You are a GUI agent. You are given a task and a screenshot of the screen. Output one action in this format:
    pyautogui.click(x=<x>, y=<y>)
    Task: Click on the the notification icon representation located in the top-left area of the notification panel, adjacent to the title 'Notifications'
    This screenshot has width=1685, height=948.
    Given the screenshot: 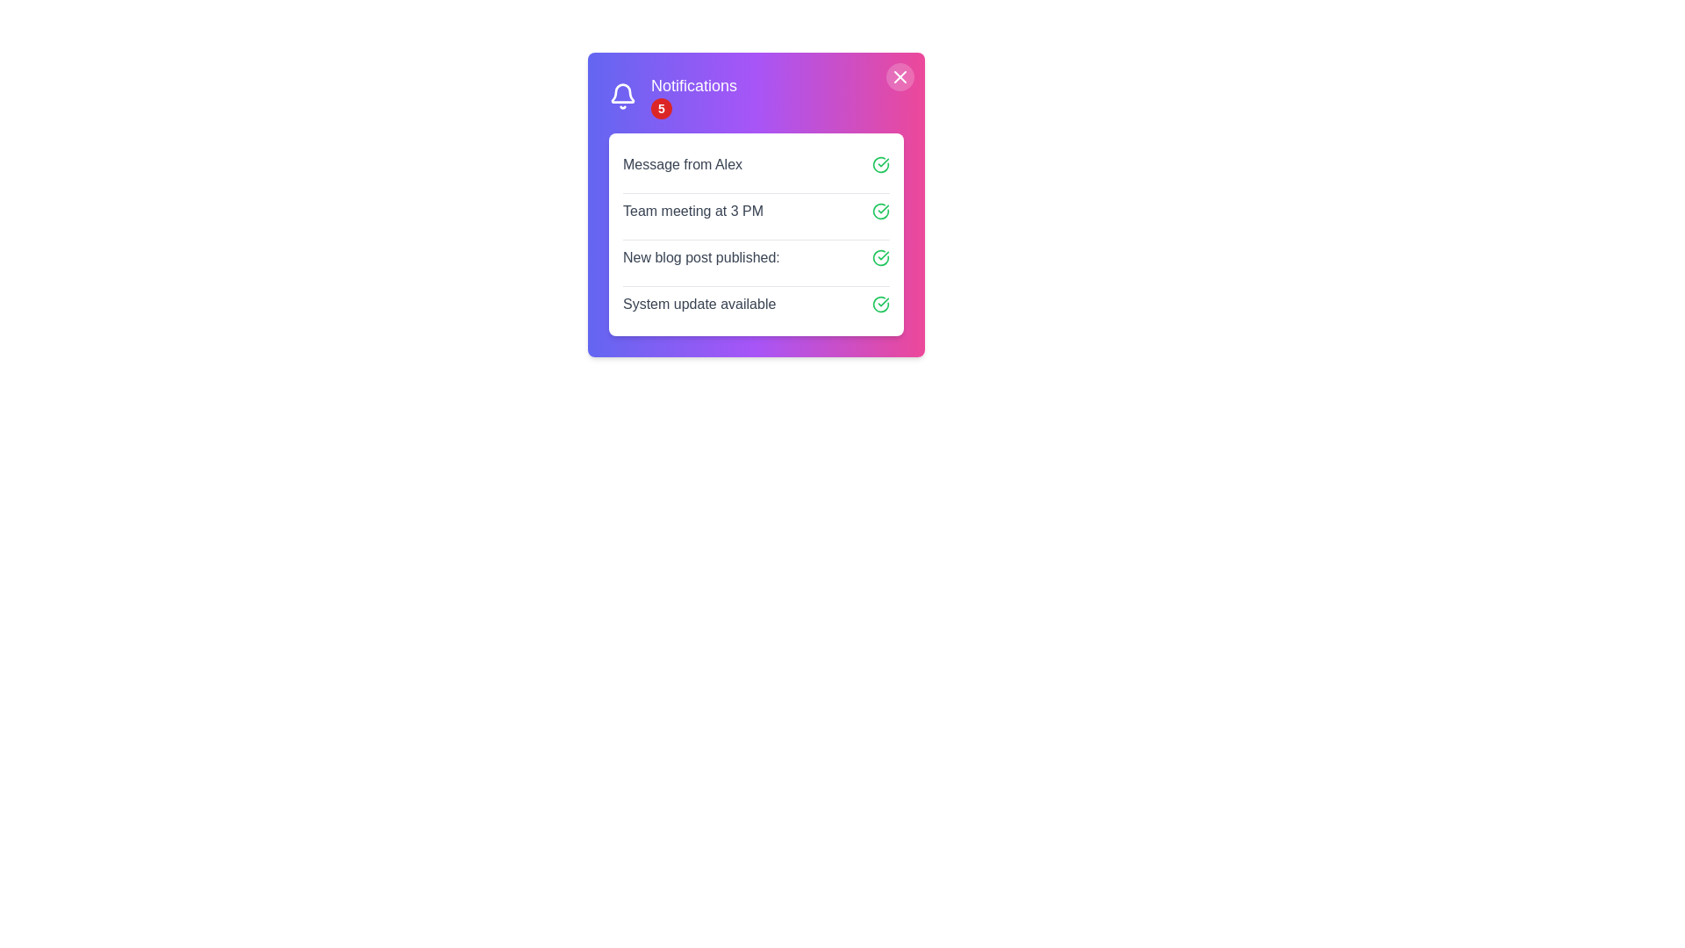 What is the action you would take?
    pyautogui.click(x=623, y=93)
    